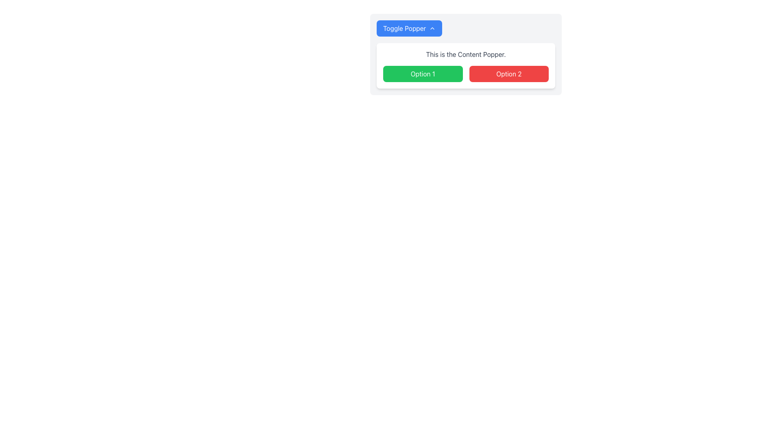 The height and width of the screenshot is (439, 781). I want to click on the rounded rectangular red button labeled 'Option 2', so click(508, 74).